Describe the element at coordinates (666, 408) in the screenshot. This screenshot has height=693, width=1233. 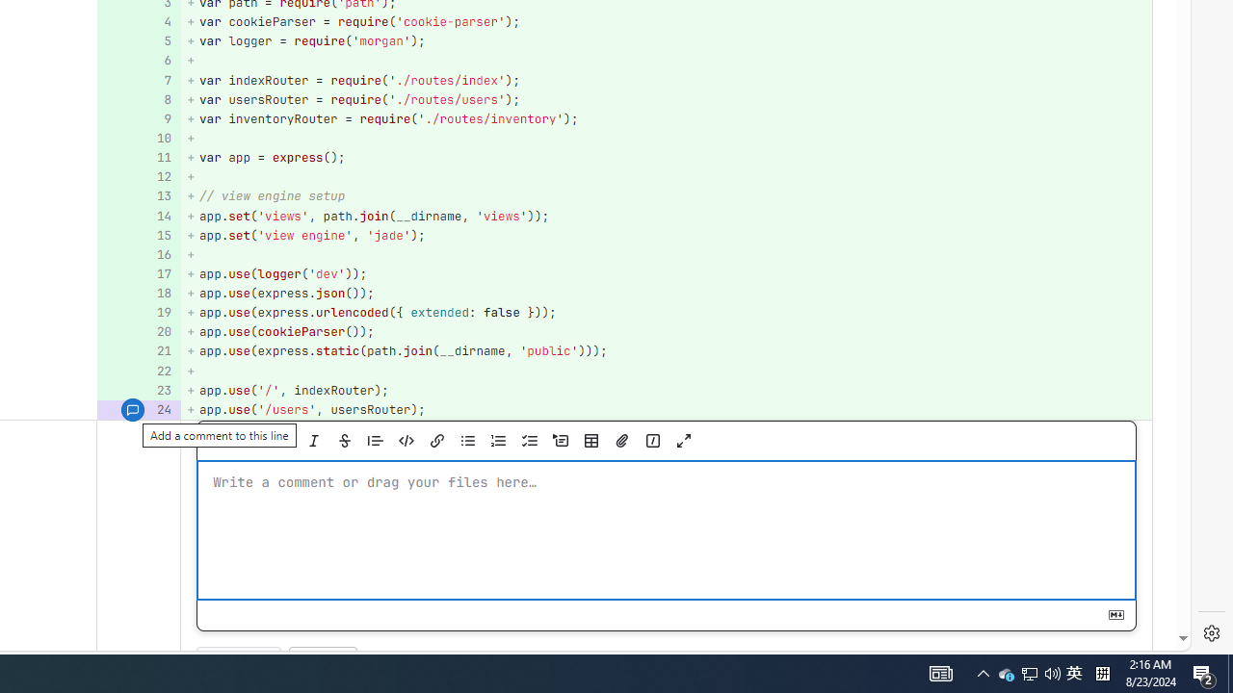
I see `'+ app.use('` at that location.